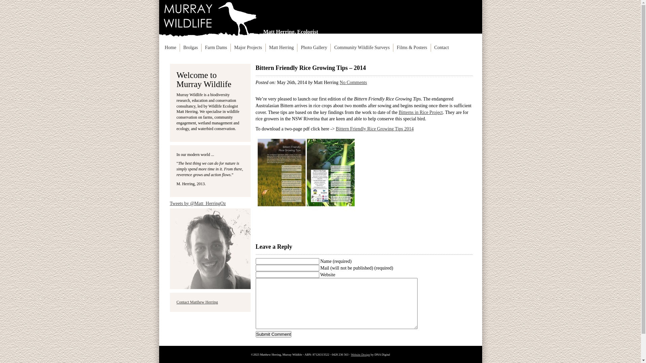 The image size is (646, 363). What do you see at coordinates (190, 47) in the screenshot?
I see `'Brolgas'` at bounding box center [190, 47].